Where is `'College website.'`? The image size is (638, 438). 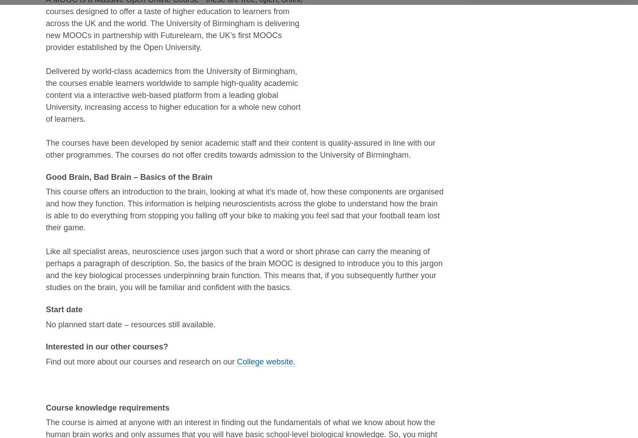 'College website.' is located at coordinates (266, 361).